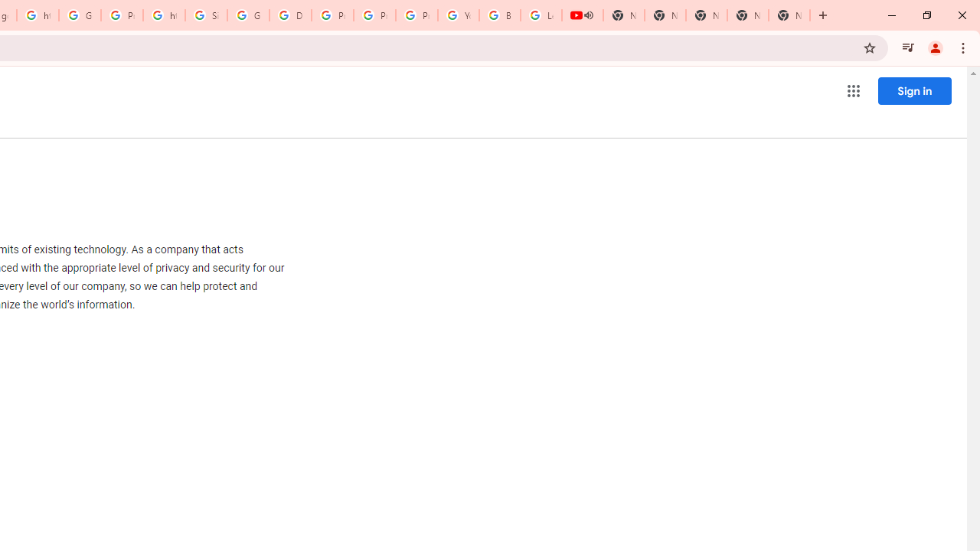  I want to click on 'Sign in - Google Accounts', so click(205, 15).